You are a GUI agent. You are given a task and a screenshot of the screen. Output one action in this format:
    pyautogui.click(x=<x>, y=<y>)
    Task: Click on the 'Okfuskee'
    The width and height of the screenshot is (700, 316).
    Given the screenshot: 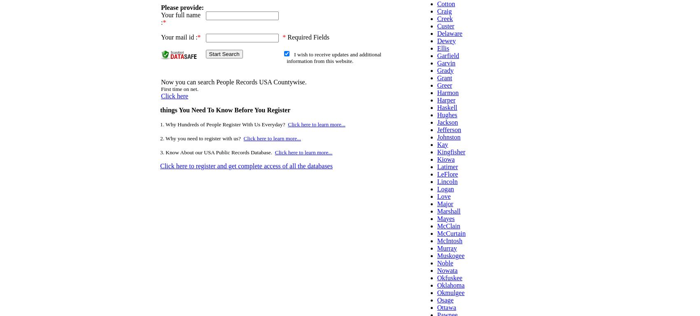 What is the action you would take?
    pyautogui.click(x=449, y=277)
    